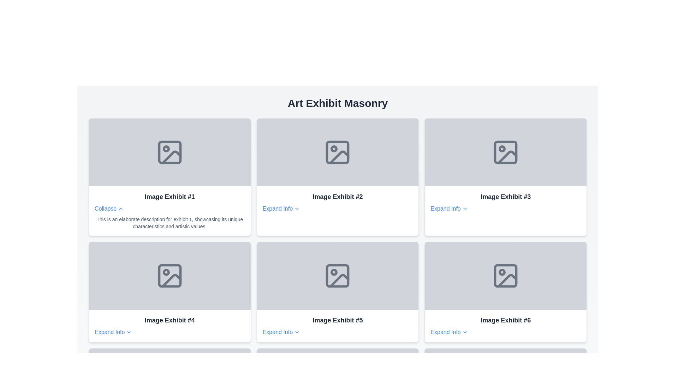 The width and height of the screenshot is (678, 381). Describe the element at coordinates (169, 223) in the screenshot. I see `text element containing the description for exhibit 1, which is styled in small gray font and positioned below the 'Collapse' control` at that location.